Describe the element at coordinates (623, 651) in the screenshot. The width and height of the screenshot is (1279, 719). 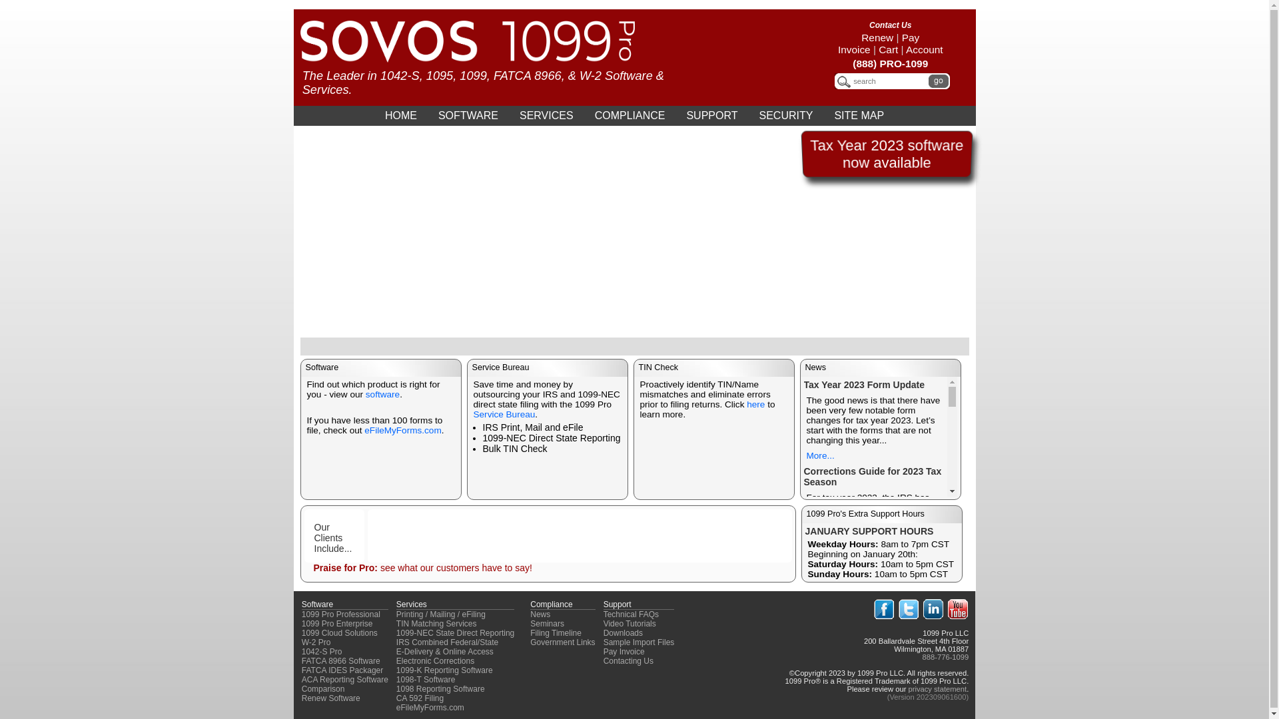
I see `'Pay Invoice'` at that location.